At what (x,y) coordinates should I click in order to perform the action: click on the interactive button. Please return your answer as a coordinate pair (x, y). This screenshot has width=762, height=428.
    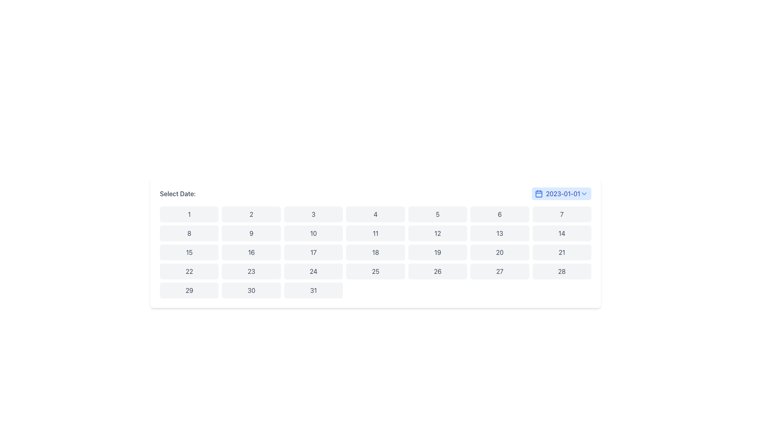
    Looking at the image, I should click on (561, 252).